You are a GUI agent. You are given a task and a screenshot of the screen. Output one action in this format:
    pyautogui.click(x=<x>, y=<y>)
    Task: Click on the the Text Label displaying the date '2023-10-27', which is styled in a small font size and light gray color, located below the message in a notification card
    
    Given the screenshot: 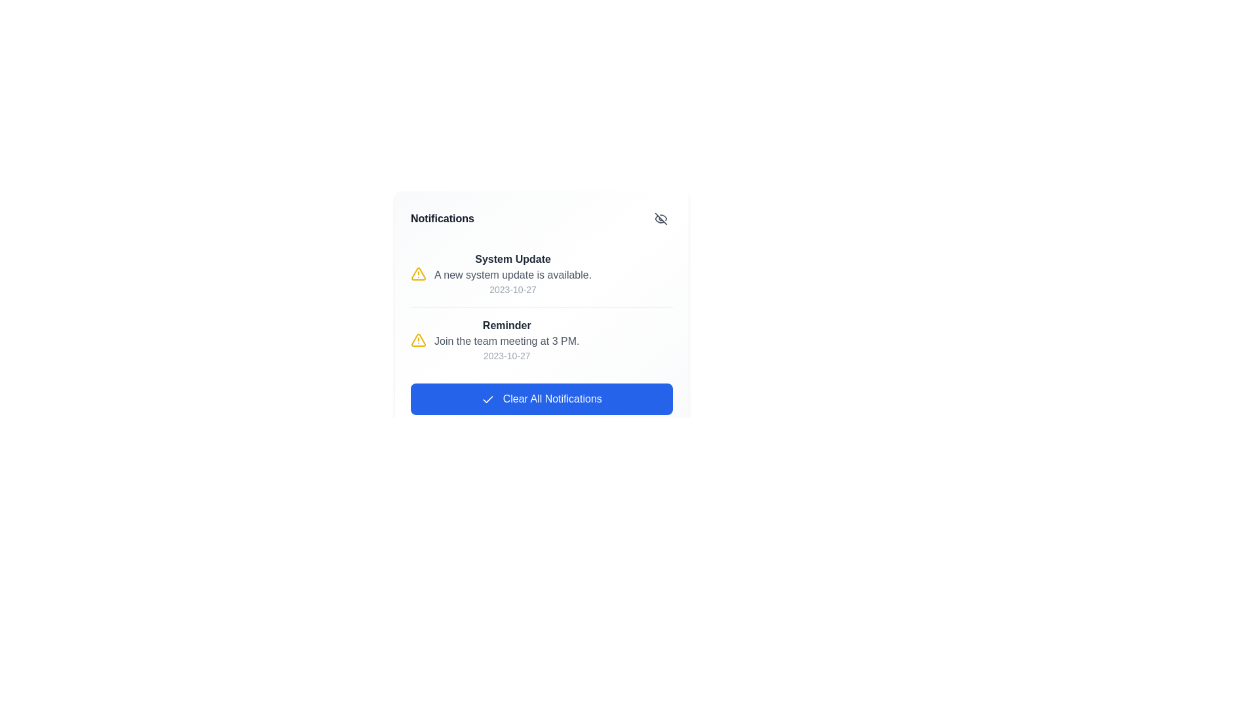 What is the action you would take?
    pyautogui.click(x=506, y=356)
    